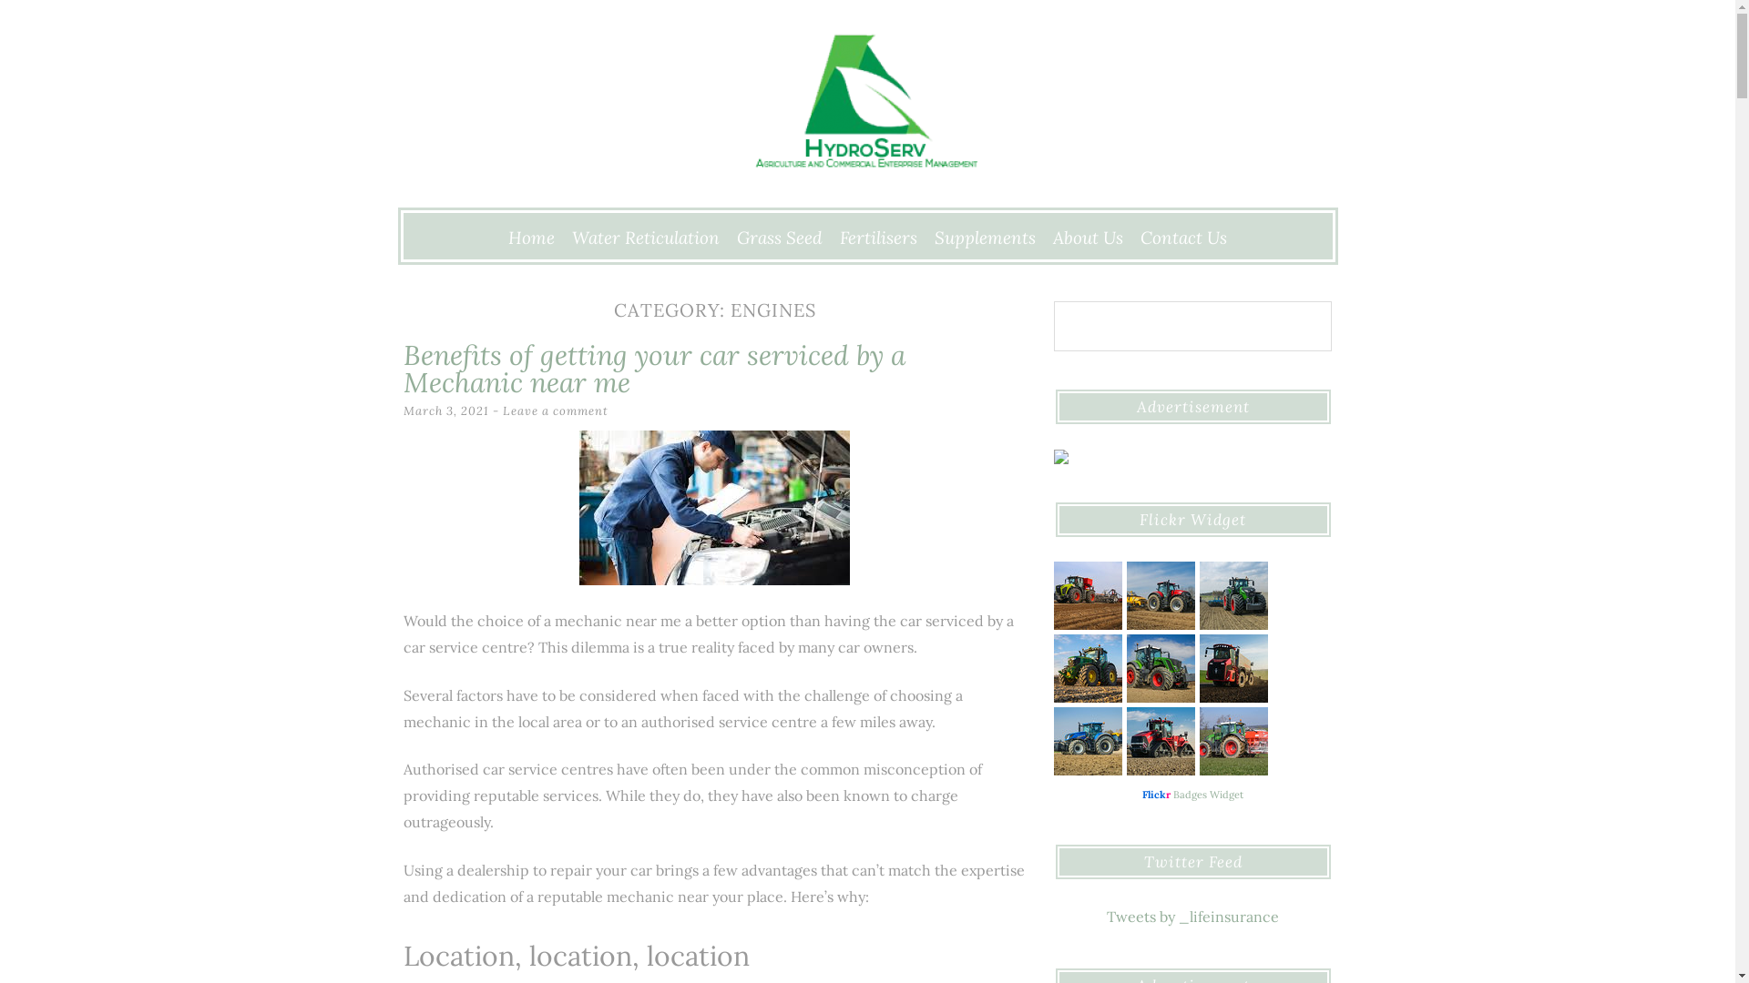 Image resolution: width=1749 pixels, height=983 pixels. Describe the element at coordinates (407, 218) in the screenshot. I see `'Skip to content'` at that location.